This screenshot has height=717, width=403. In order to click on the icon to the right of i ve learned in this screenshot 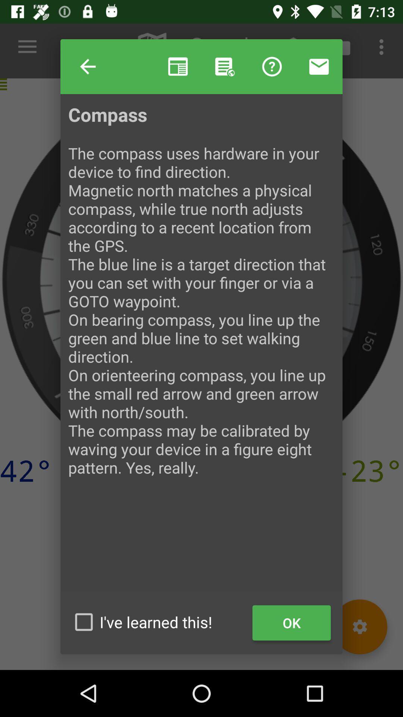, I will do `click(291, 623)`.